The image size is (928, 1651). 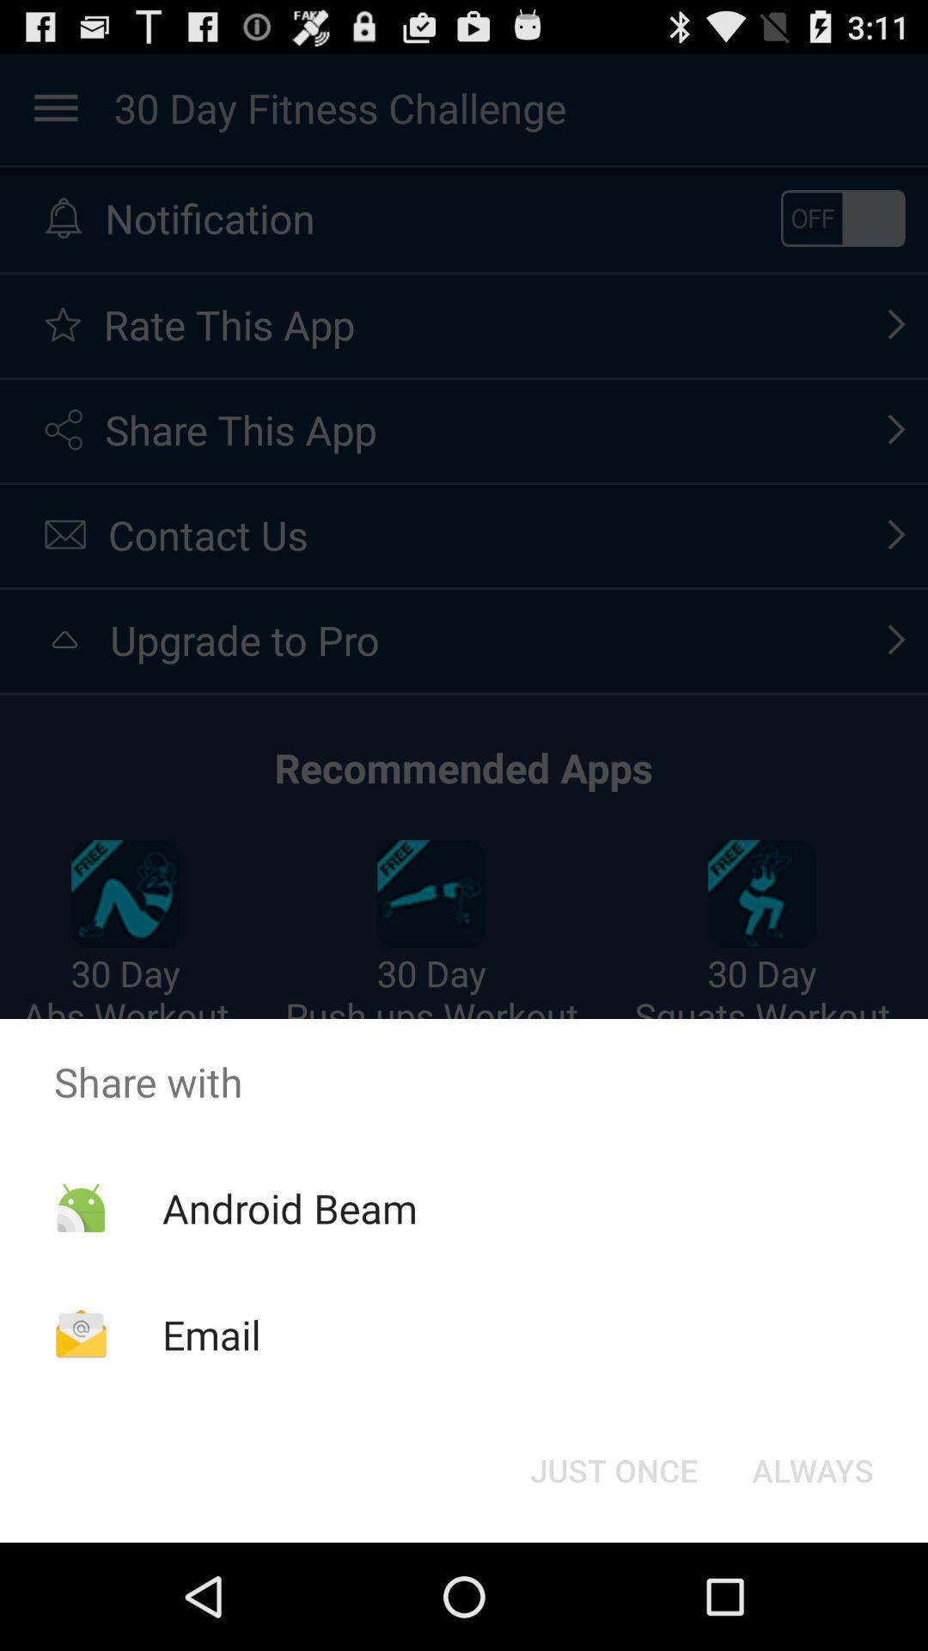 What do you see at coordinates (613, 1469) in the screenshot?
I see `the just once button` at bounding box center [613, 1469].